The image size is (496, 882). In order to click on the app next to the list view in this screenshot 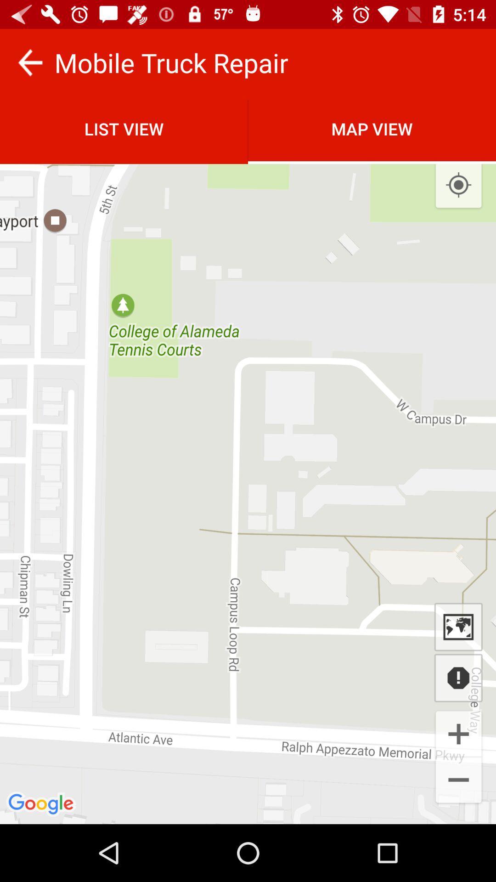, I will do `click(458, 185)`.